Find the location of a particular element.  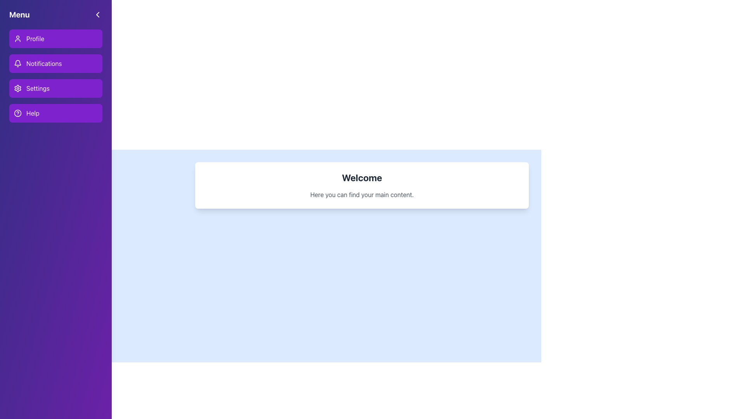

the gear-shaped 'Settings' icon in the sidebar menu is located at coordinates (18, 88).